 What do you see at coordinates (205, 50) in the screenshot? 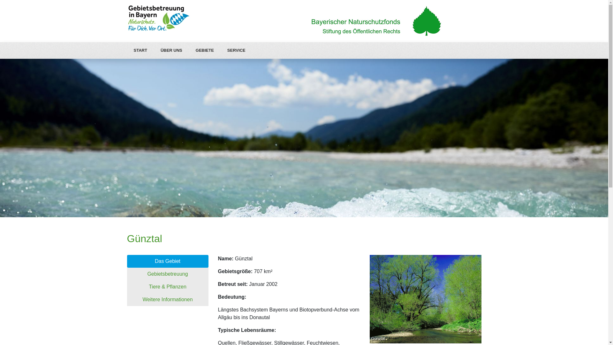
I see `'GEBIETE'` at bounding box center [205, 50].